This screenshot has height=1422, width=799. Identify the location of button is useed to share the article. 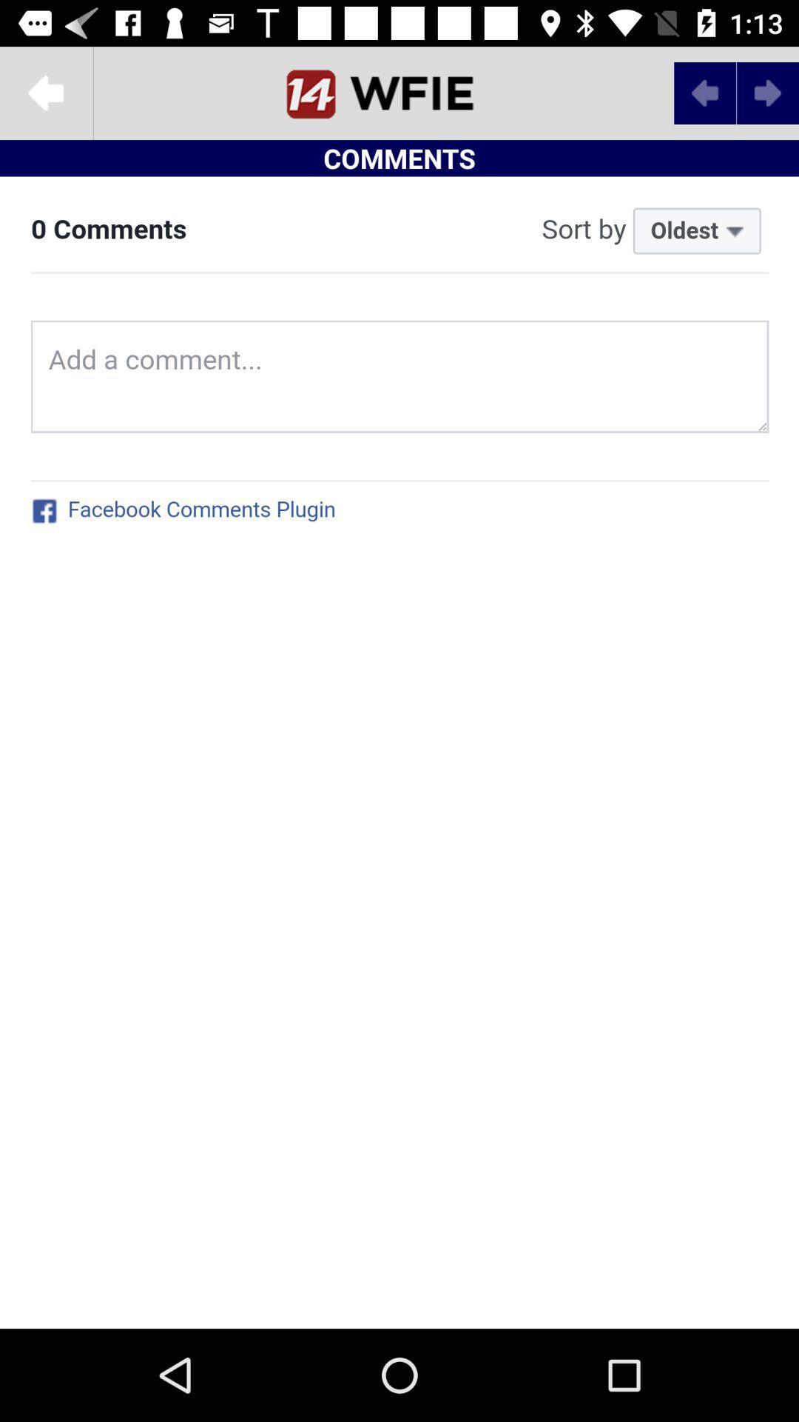
(45, 92).